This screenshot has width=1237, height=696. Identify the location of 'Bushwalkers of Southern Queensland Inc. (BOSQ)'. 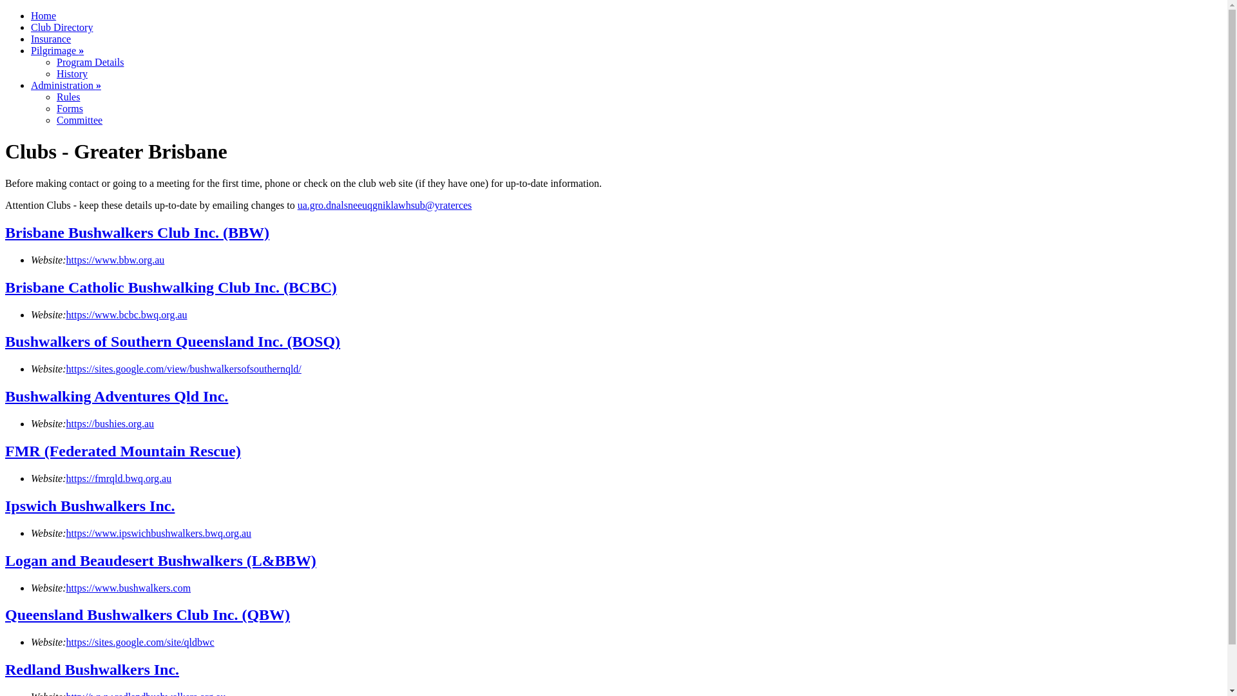
(172, 340).